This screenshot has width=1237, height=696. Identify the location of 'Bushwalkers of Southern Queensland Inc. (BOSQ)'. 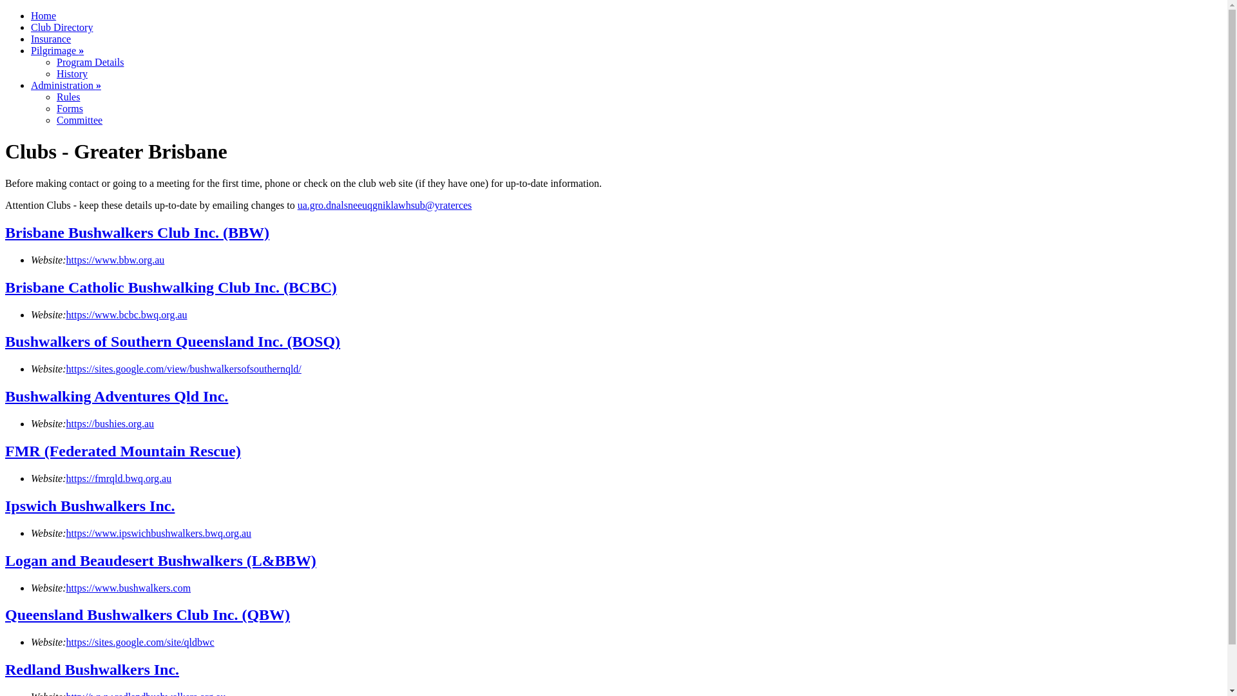
(172, 340).